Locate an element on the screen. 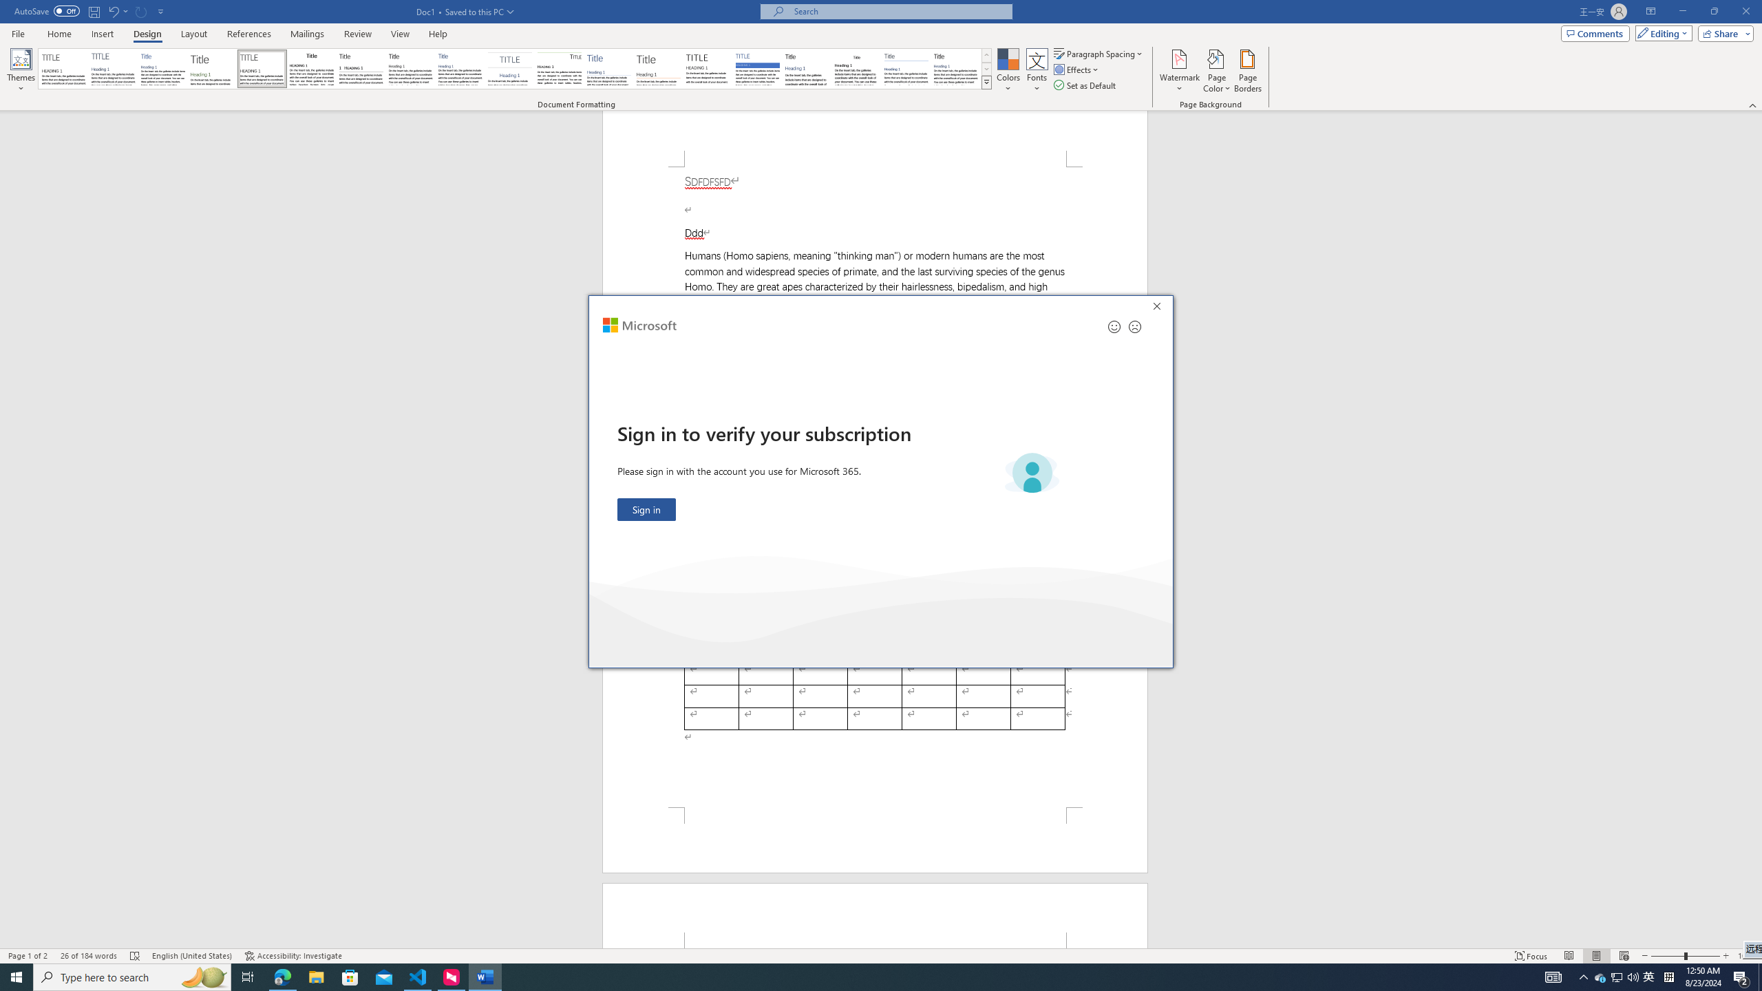 The height and width of the screenshot is (991, 1762). 'File Explorer' is located at coordinates (315, 976).